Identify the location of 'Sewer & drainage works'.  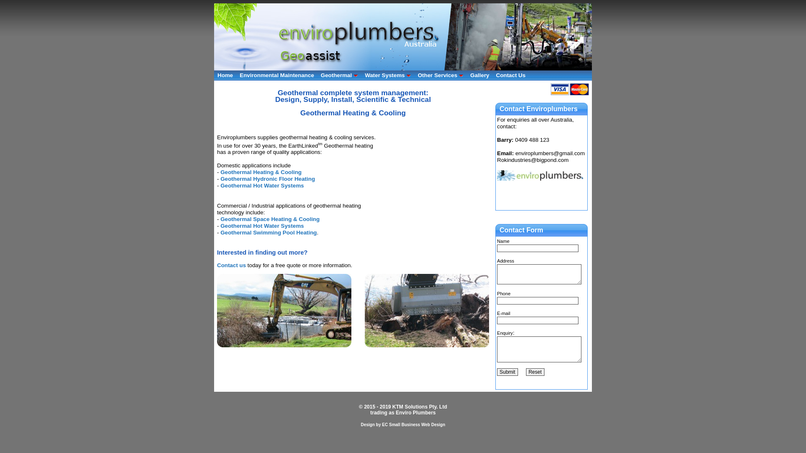
(284, 310).